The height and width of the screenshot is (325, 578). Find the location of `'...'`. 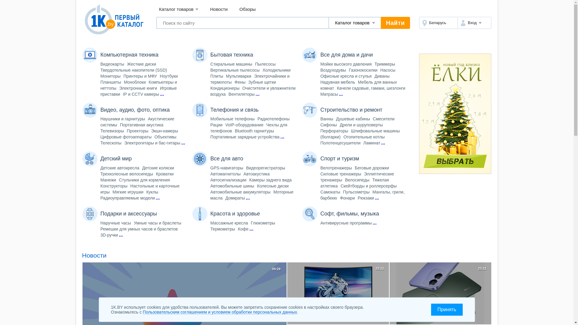

'...' is located at coordinates (158, 198).